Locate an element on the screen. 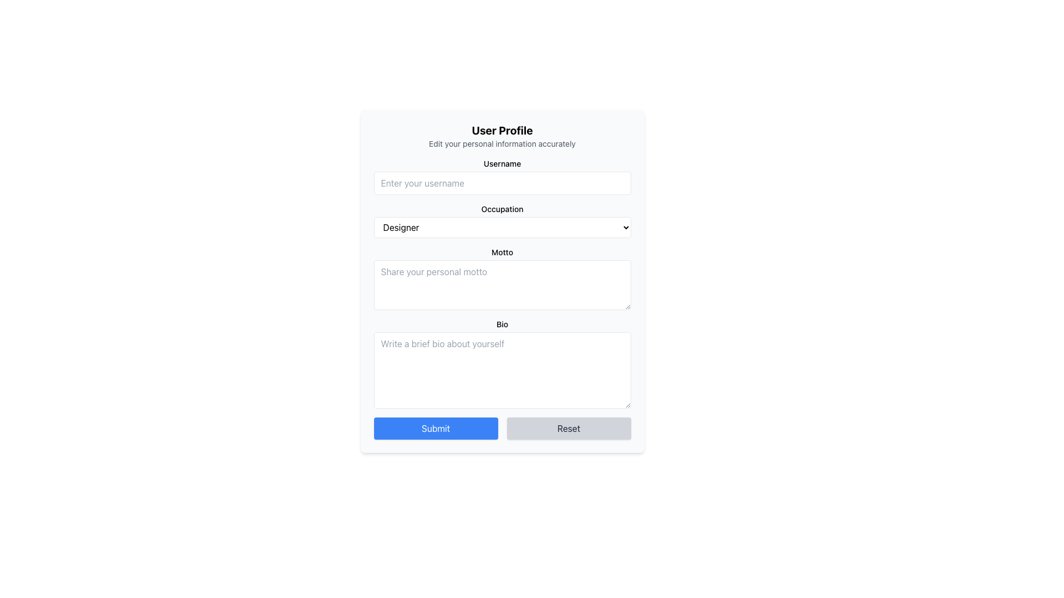 This screenshot has width=1064, height=598. the text label displaying 'Occupation', which is styled with a small font size and bold weight, located above the dropdown menu is located at coordinates (502, 209).